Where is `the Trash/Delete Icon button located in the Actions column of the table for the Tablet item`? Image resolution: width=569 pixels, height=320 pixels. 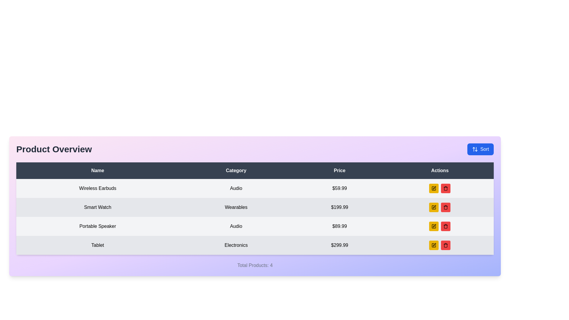 the Trash/Delete Icon button located in the Actions column of the table for the Tablet item is located at coordinates (446, 226).